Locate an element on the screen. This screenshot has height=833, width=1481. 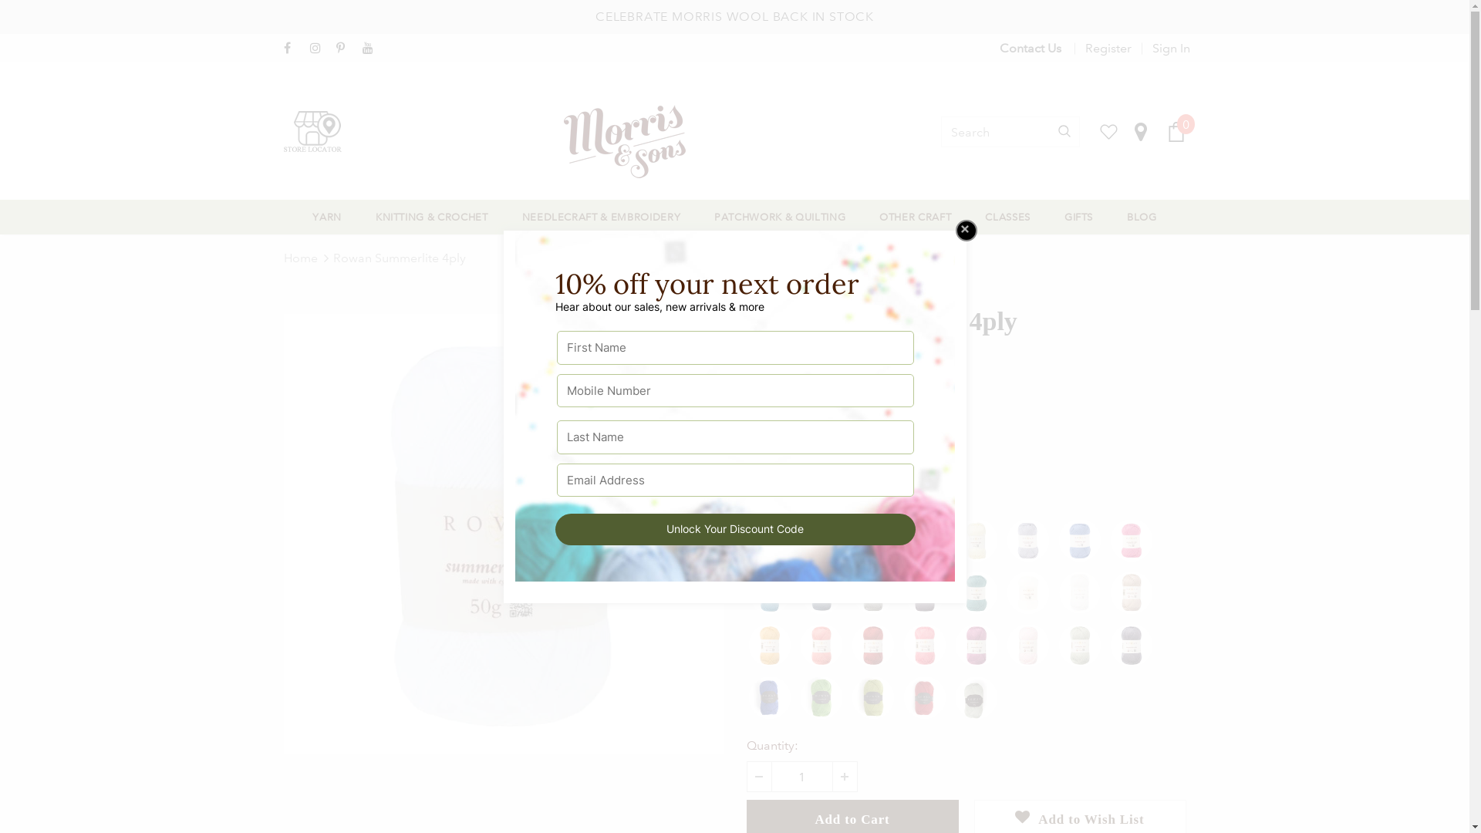
'Sign In' is located at coordinates (1166, 47).